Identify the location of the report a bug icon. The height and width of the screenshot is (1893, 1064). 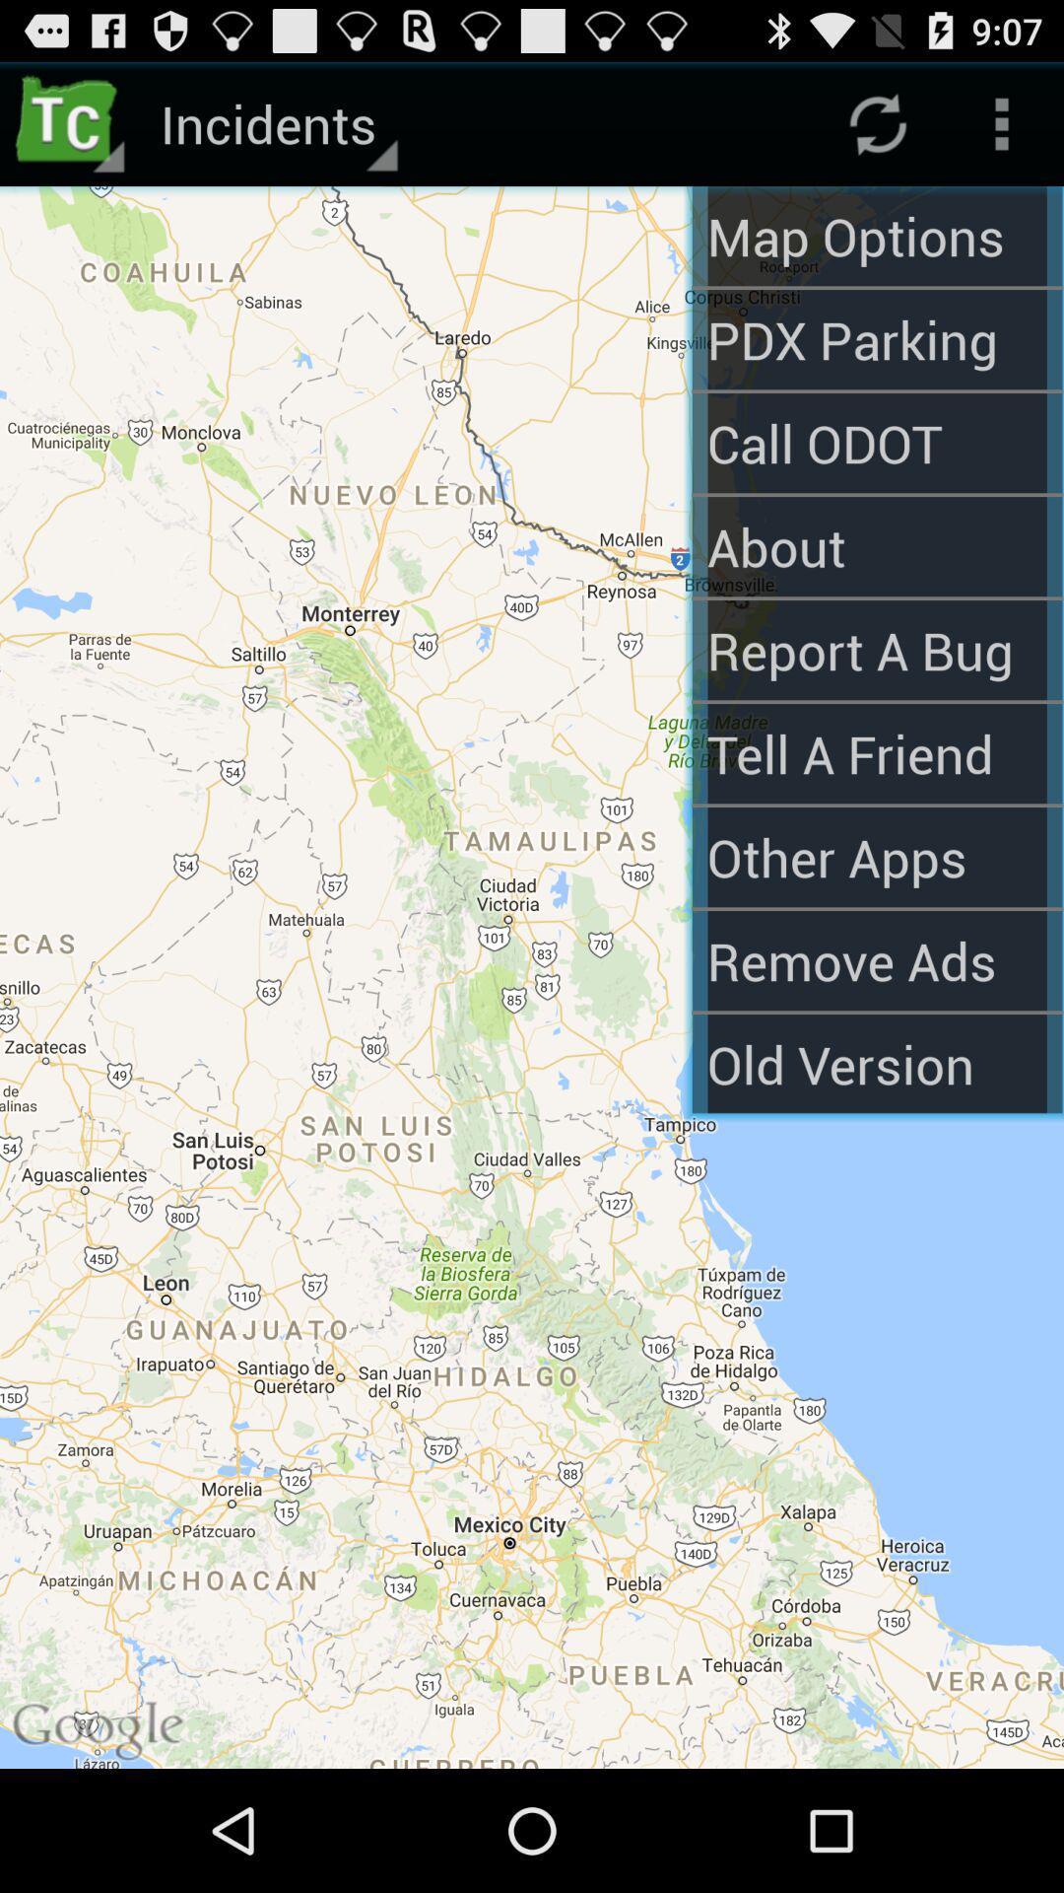
(876, 650).